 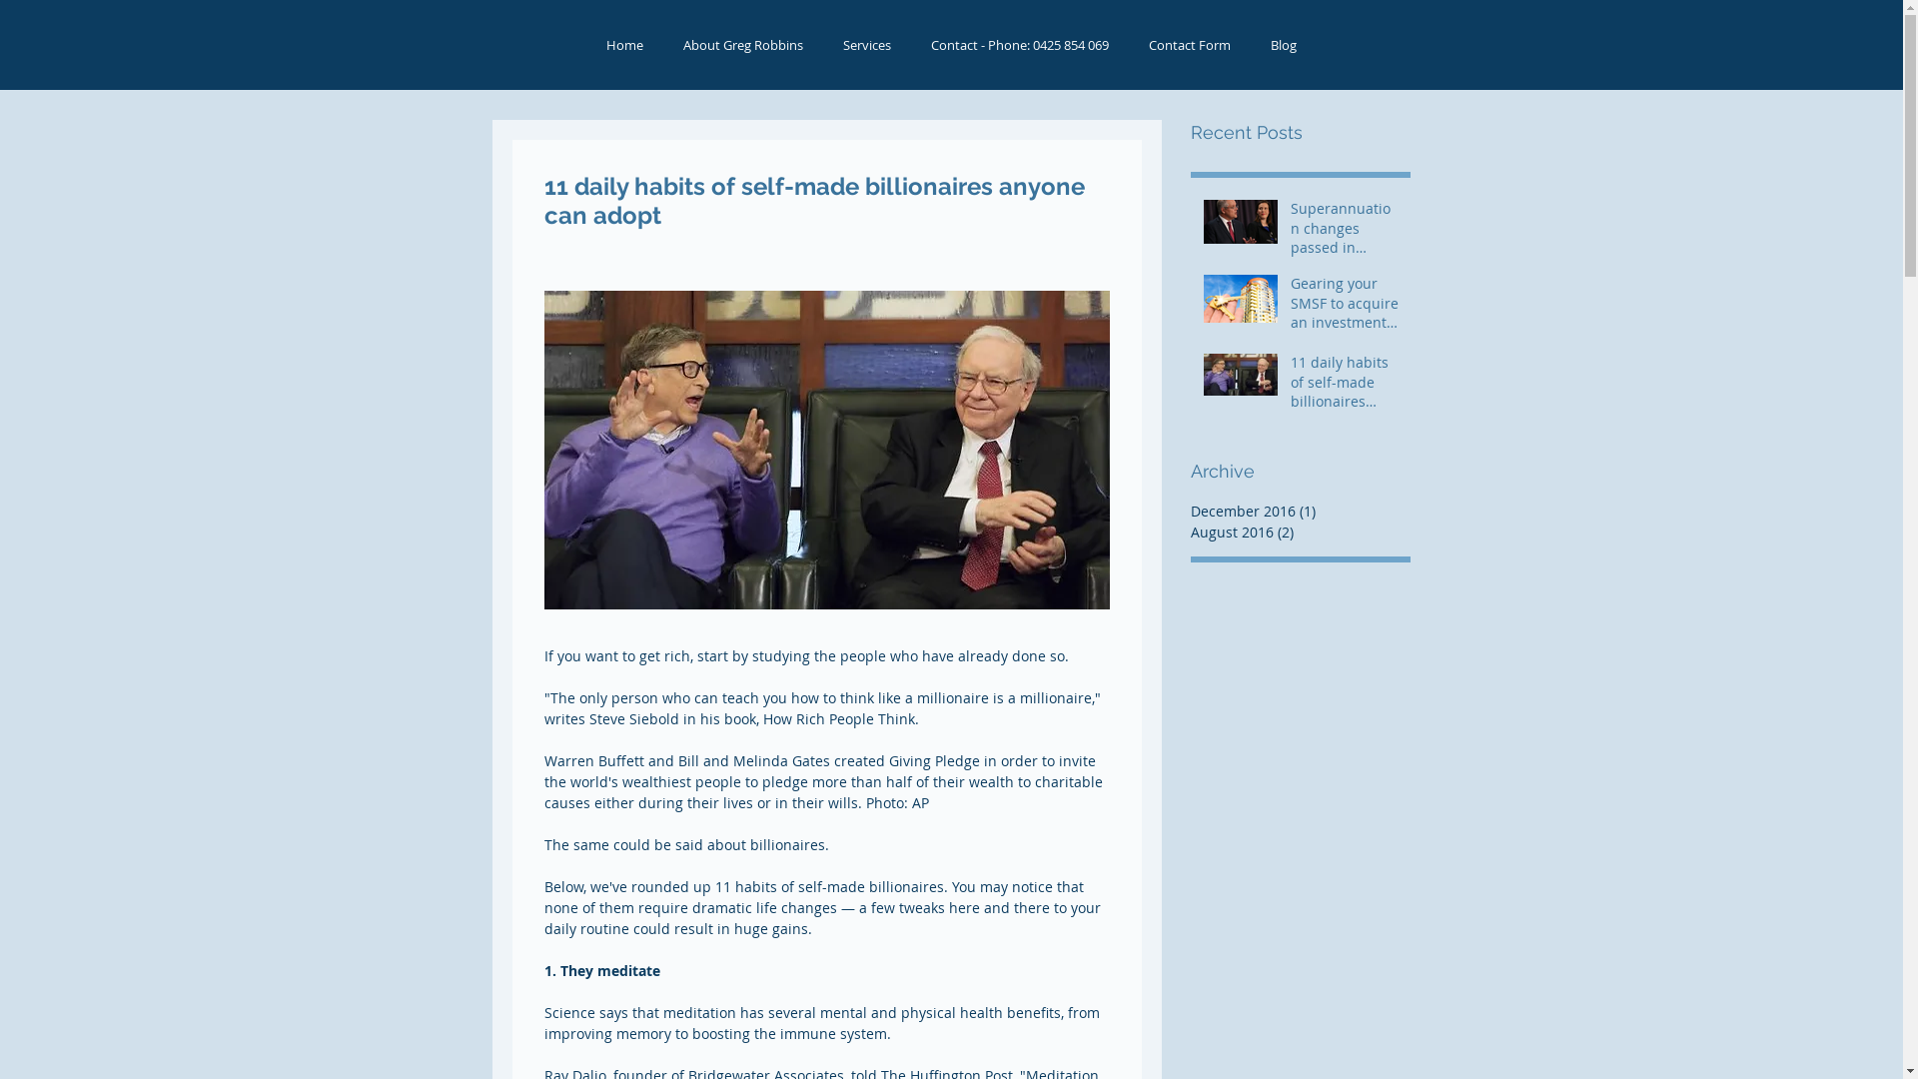 I want to click on 'Superannuation changes passed in Parliament', so click(x=1290, y=231).